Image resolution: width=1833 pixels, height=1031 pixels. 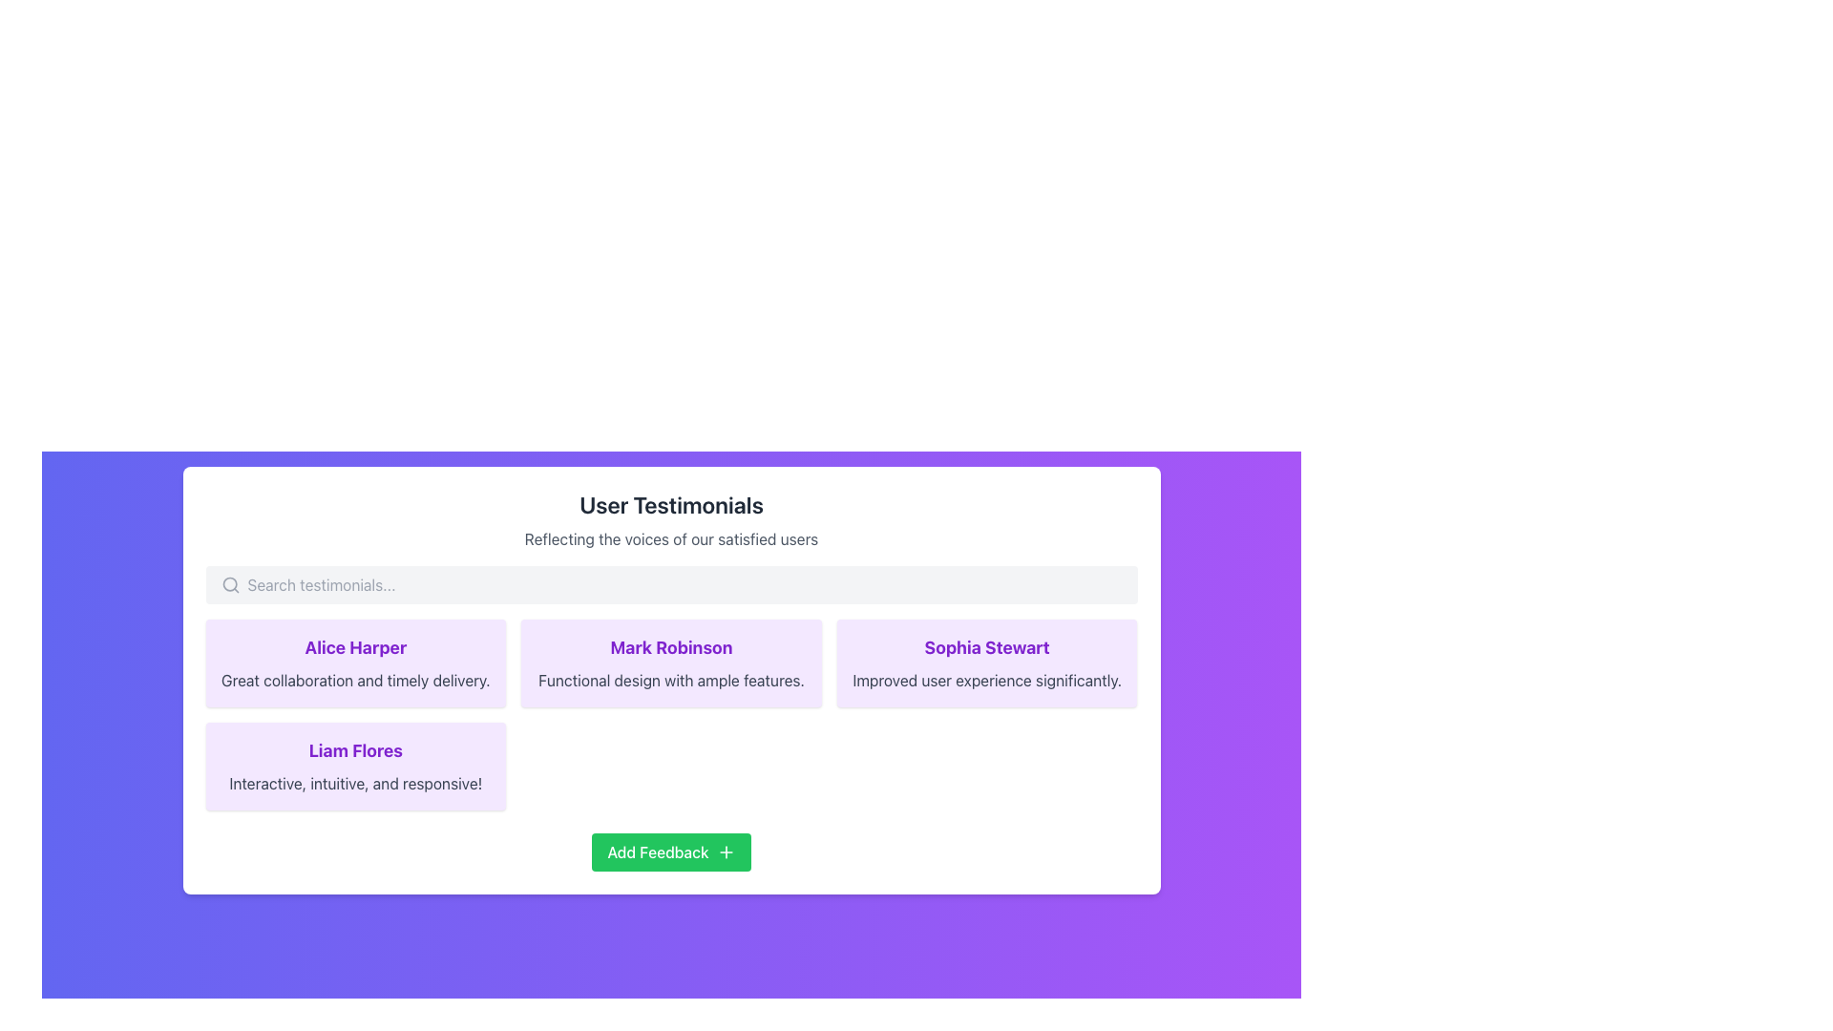 I want to click on the text display element that shows 'Reflecting the voices of our satisfied users', located beneath the 'User Testimonials' heading, so click(x=671, y=538).